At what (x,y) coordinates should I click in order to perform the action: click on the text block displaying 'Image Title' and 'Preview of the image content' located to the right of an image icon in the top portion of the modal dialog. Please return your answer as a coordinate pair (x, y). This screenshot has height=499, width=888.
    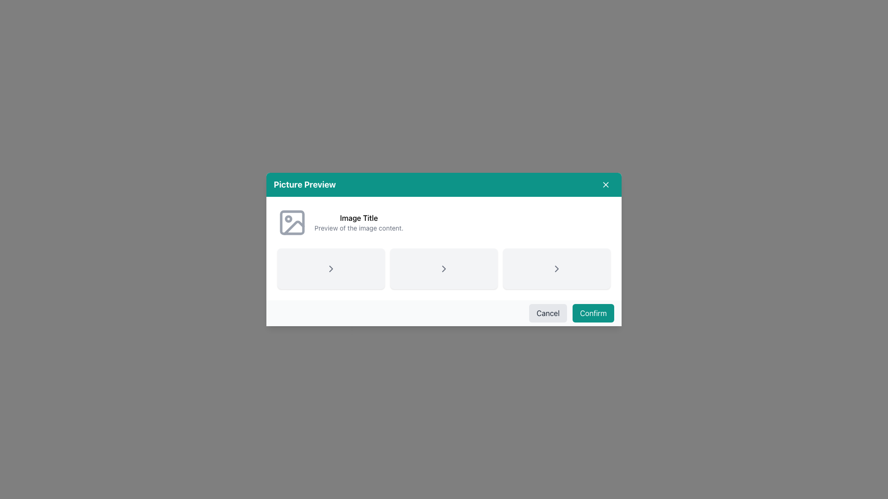
    Looking at the image, I should click on (358, 223).